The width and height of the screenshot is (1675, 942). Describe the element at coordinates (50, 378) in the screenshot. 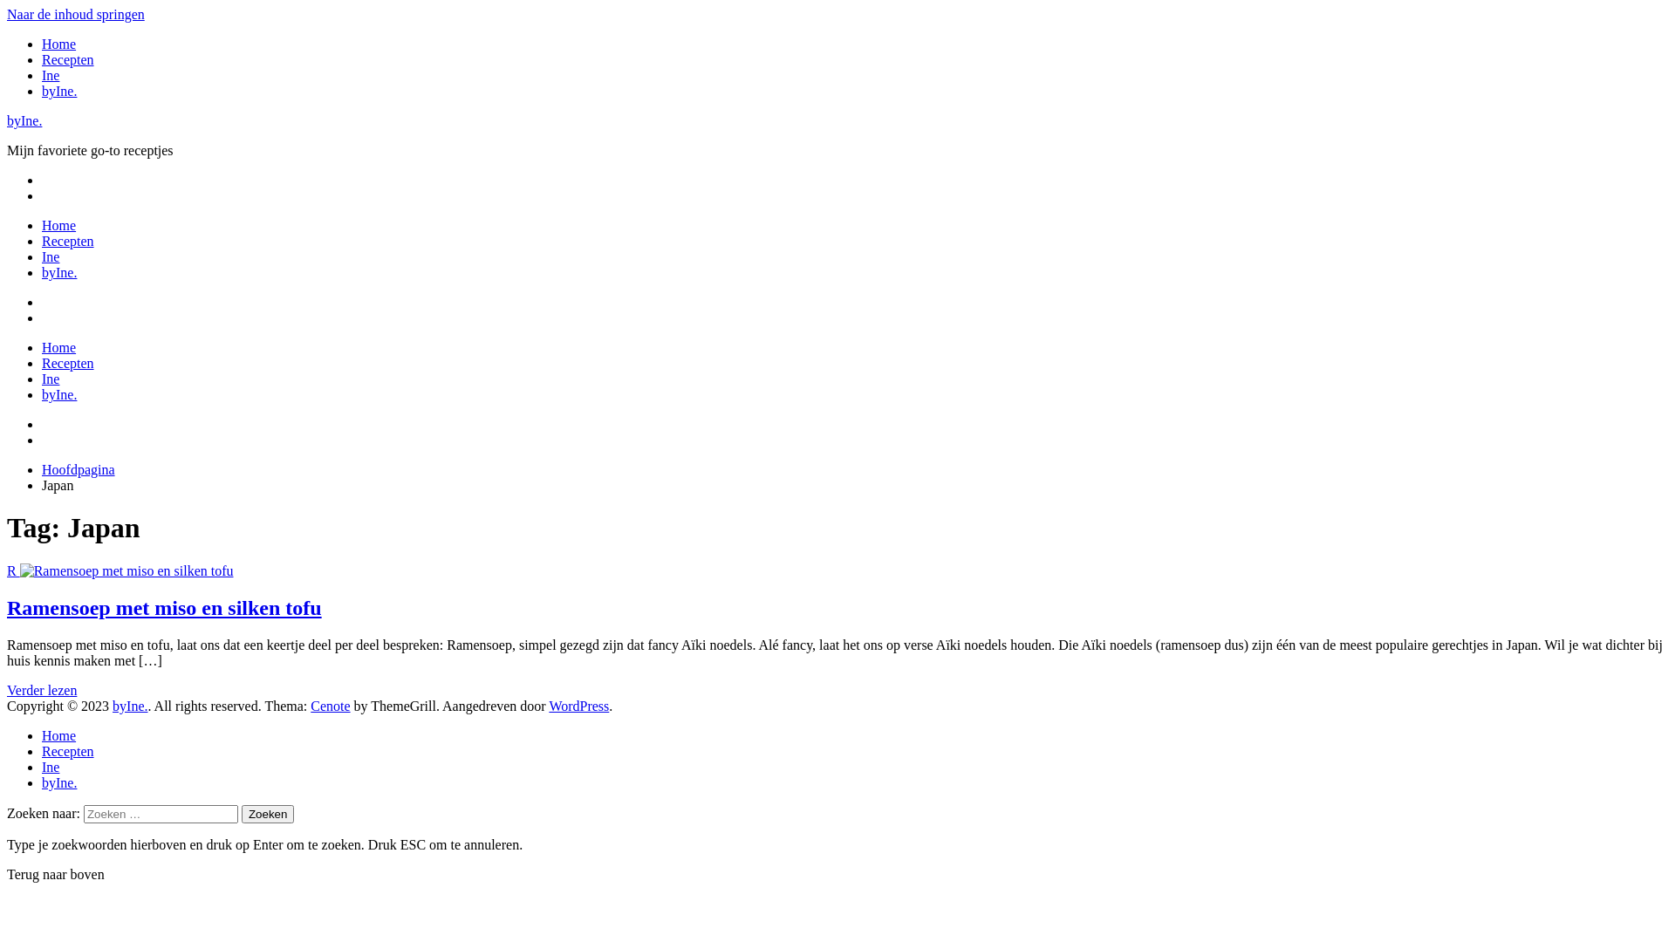

I see `'Ine'` at that location.